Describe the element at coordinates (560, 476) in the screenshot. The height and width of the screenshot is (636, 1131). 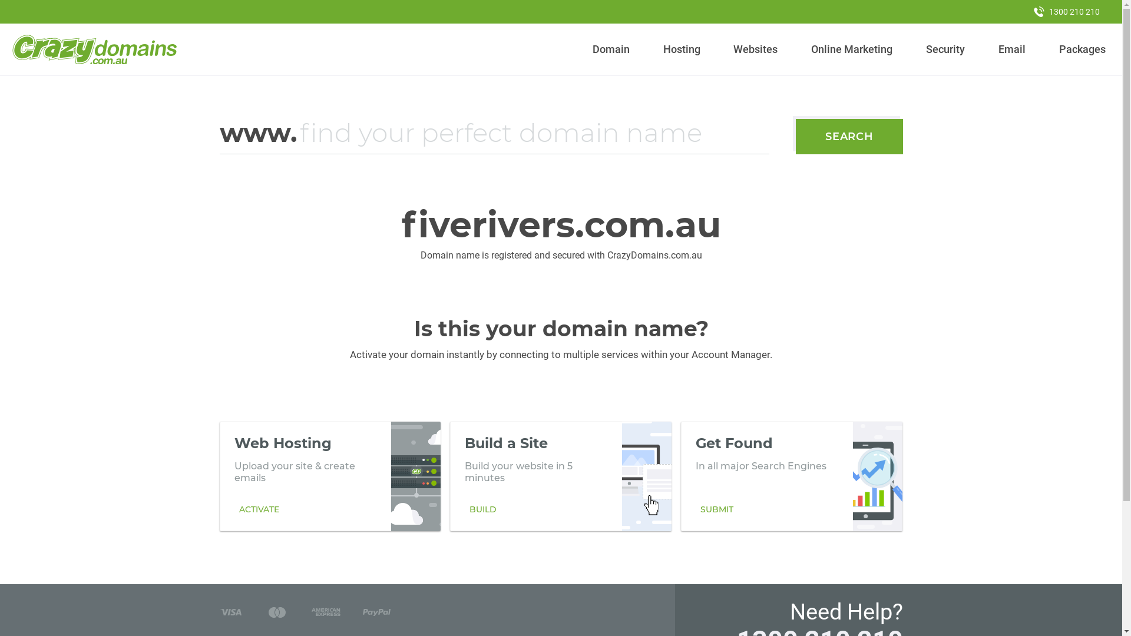
I see `'Build a Site` at that location.